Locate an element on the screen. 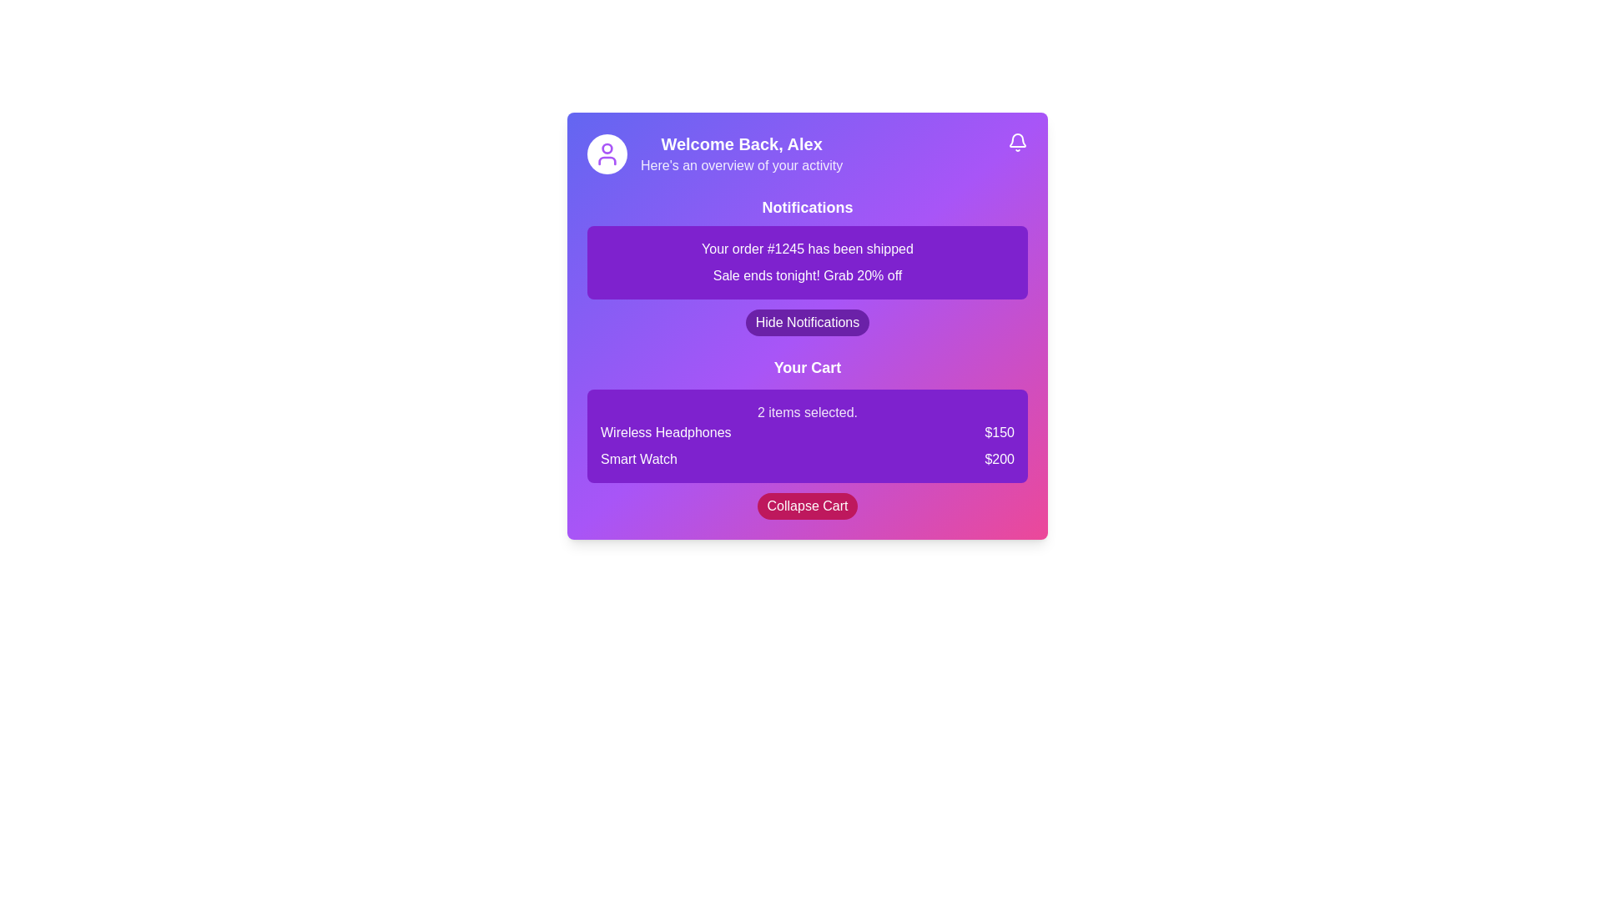  the static text element displaying '2 items selected.' in white color with 90% opacity against a purple background, which is located prominently above the list of item details in the 'Your Cart' section is located at coordinates (808, 412).